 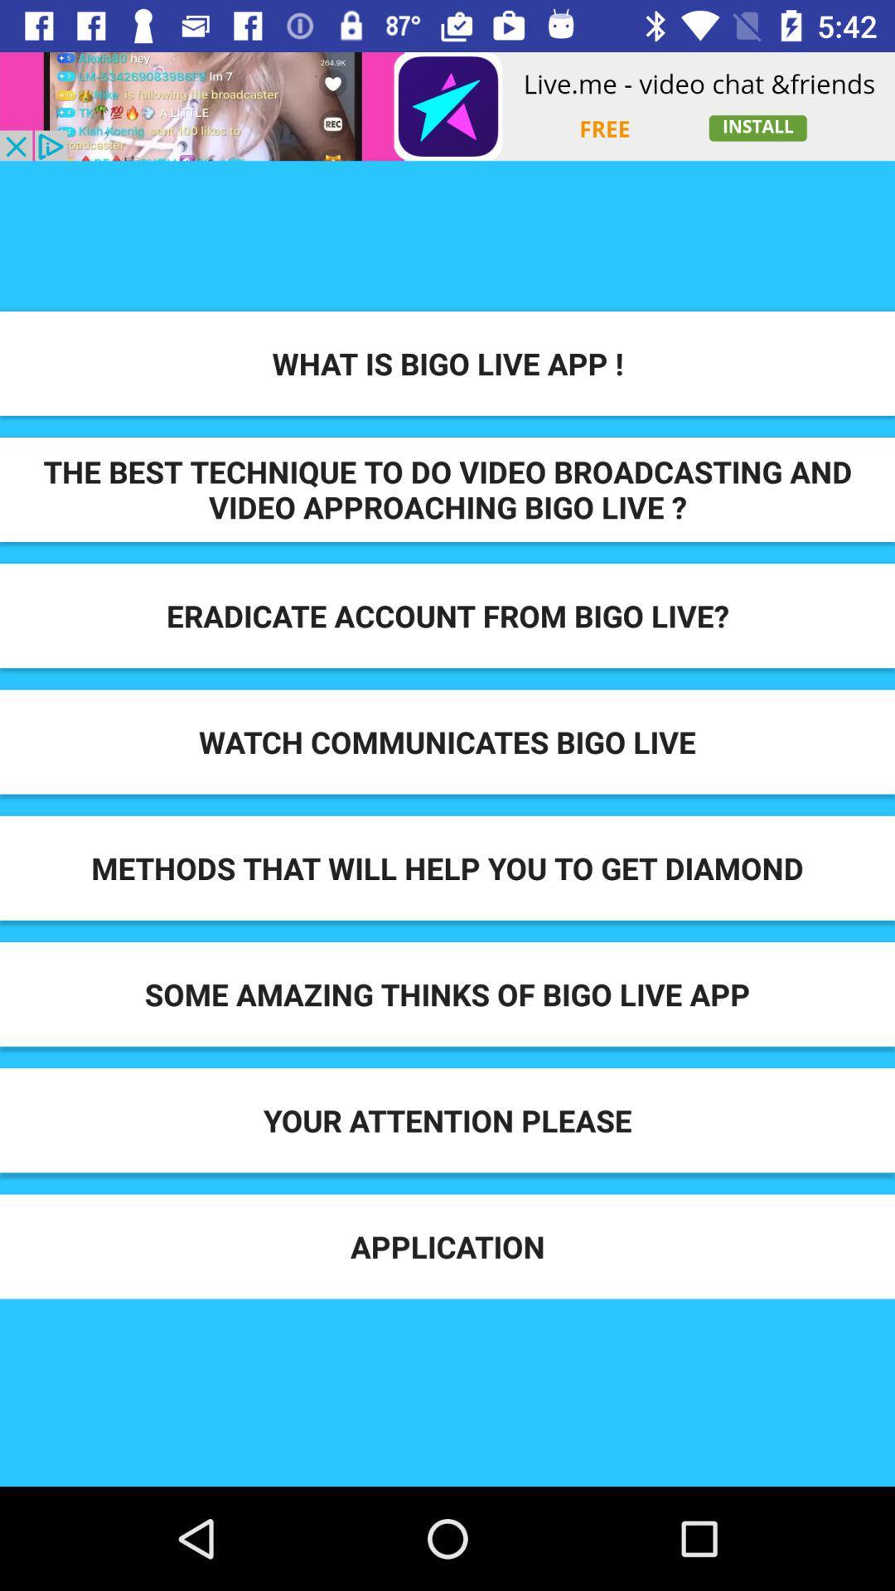 I want to click on open advertisement, so click(x=447, y=105).